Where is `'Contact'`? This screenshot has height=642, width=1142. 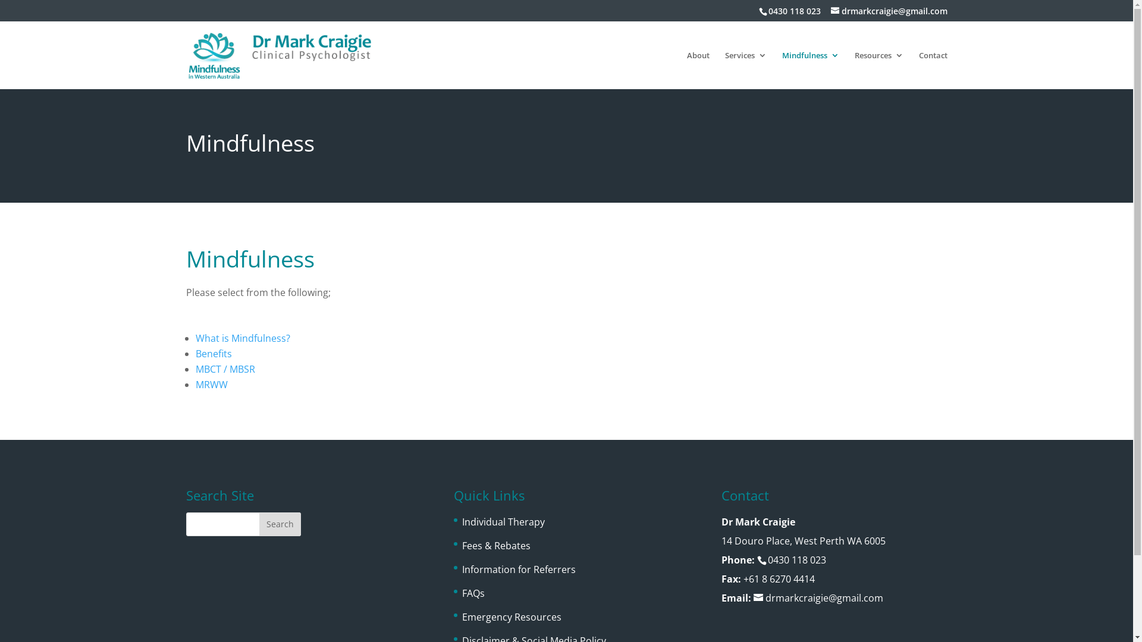
'Contact' is located at coordinates (932, 70).